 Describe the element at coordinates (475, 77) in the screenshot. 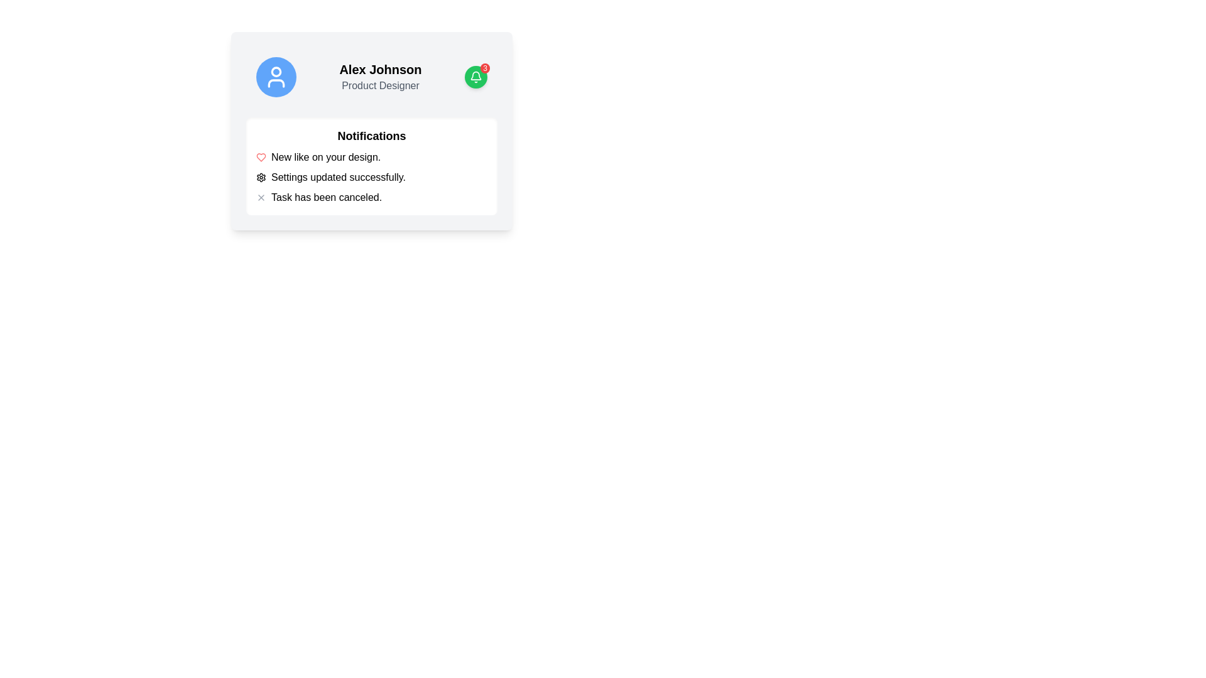

I see `the circular green button with a white bell icon and a red badge showing '3'` at that location.